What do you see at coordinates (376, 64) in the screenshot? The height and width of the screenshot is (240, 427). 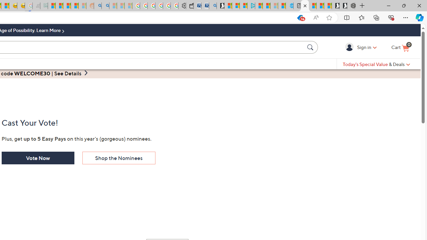 I see `'Today'` at bounding box center [376, 64].